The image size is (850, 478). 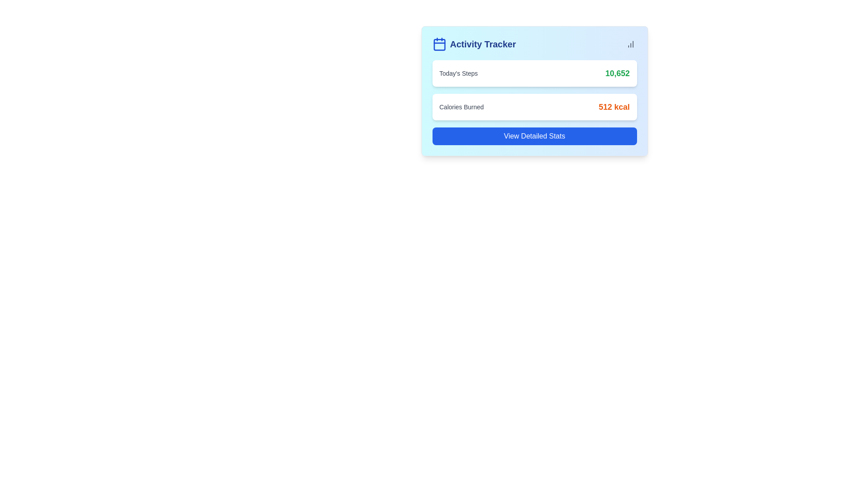 I want to click on the bar chart icon button located in the upper-right corner of the blue-themed activity tracker card, so click(x=630, y=44).